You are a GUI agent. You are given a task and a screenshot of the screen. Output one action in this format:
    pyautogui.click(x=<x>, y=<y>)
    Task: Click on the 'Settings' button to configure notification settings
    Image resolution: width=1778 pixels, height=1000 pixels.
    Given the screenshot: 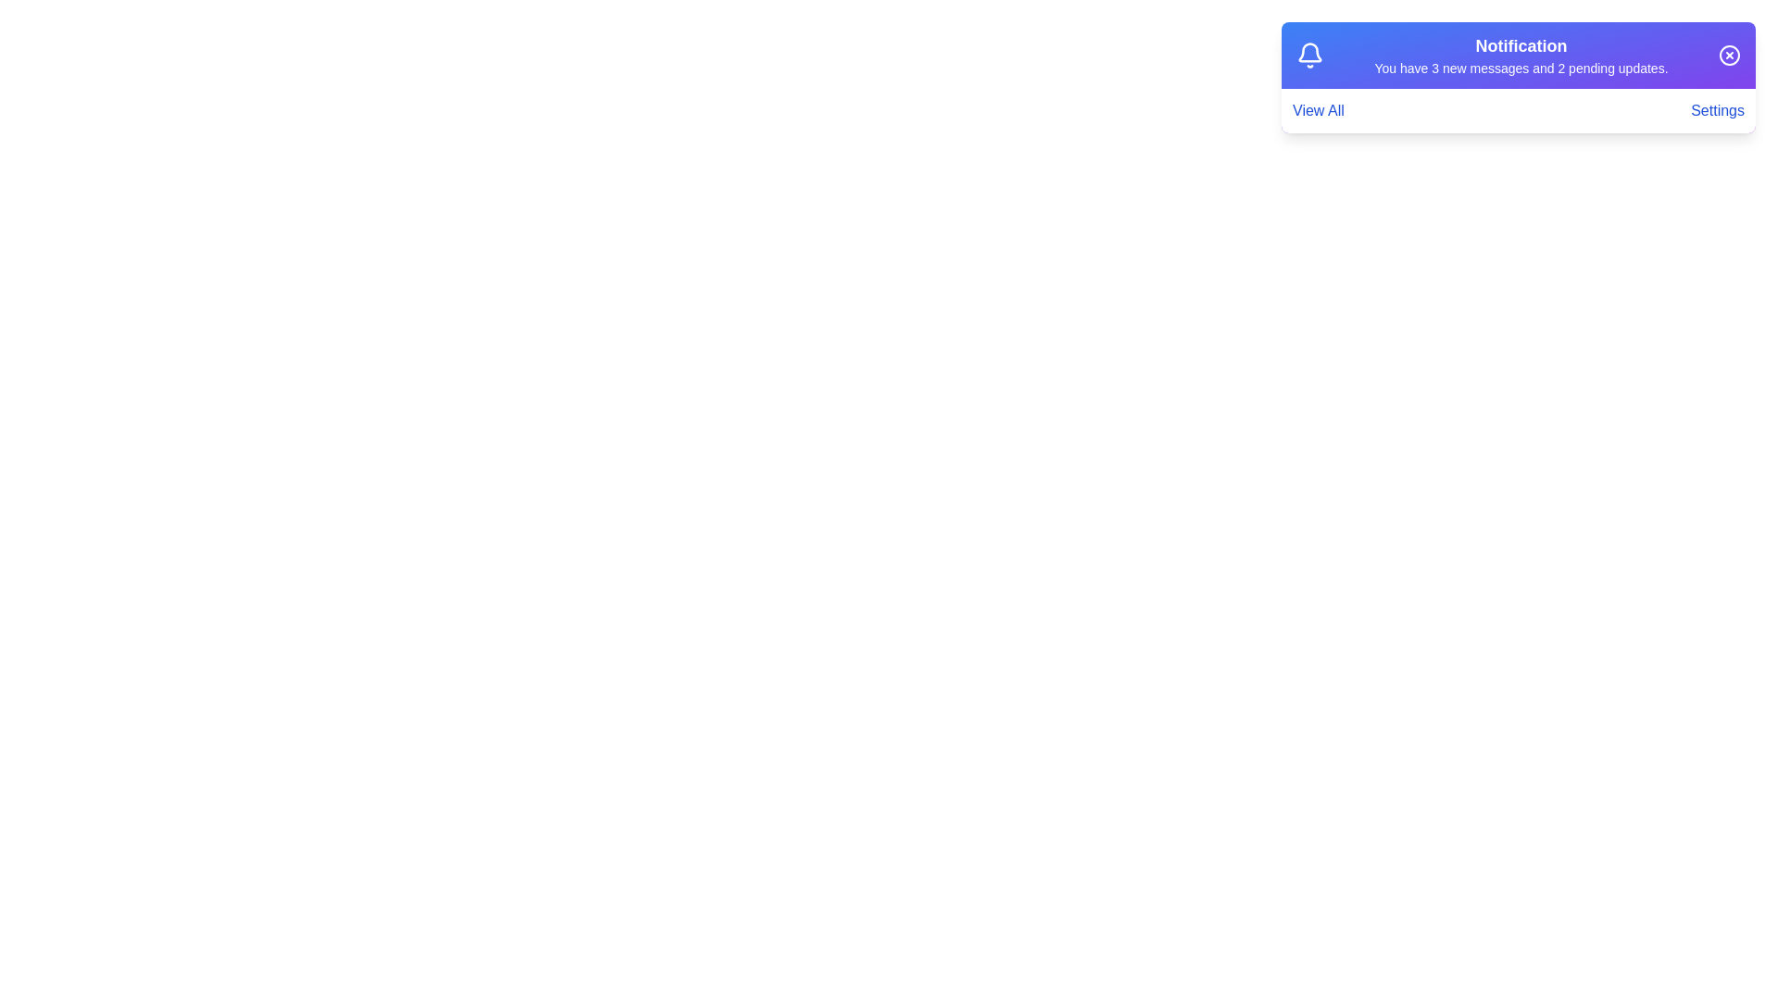 What is the action you would take?
    pyautogui.click(x=1716, y=110)
    